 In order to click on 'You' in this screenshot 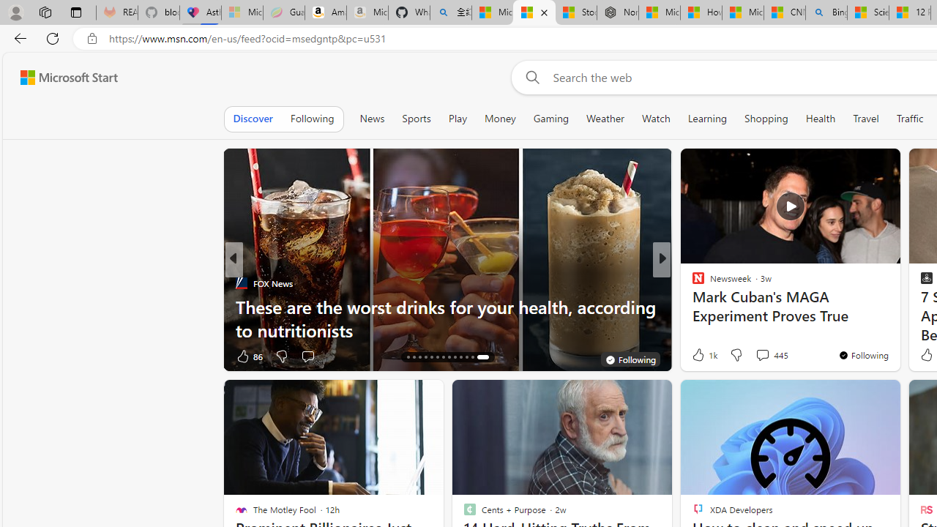, I will do `click(863, 355)`.